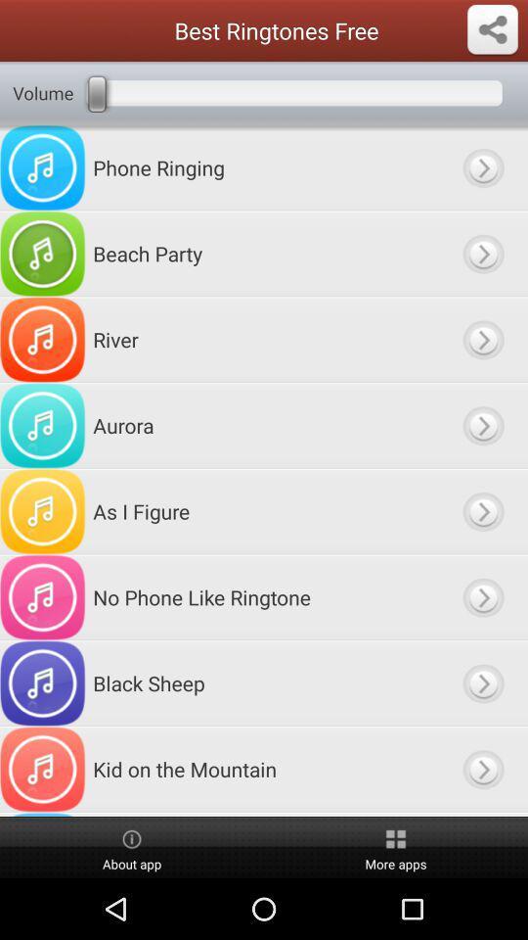 This screenshot has height=940, width=528. I want to click on the fifth next button, so click(481, 510).